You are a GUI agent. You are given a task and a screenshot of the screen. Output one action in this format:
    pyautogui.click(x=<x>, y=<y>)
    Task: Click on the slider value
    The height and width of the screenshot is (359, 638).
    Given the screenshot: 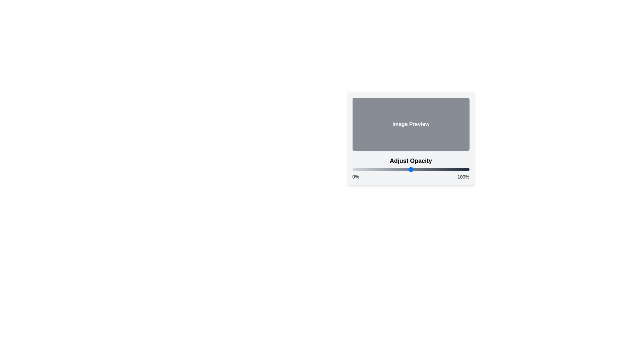 What is the action you would take?
    pyautogui.click(x=375, y=169)
    